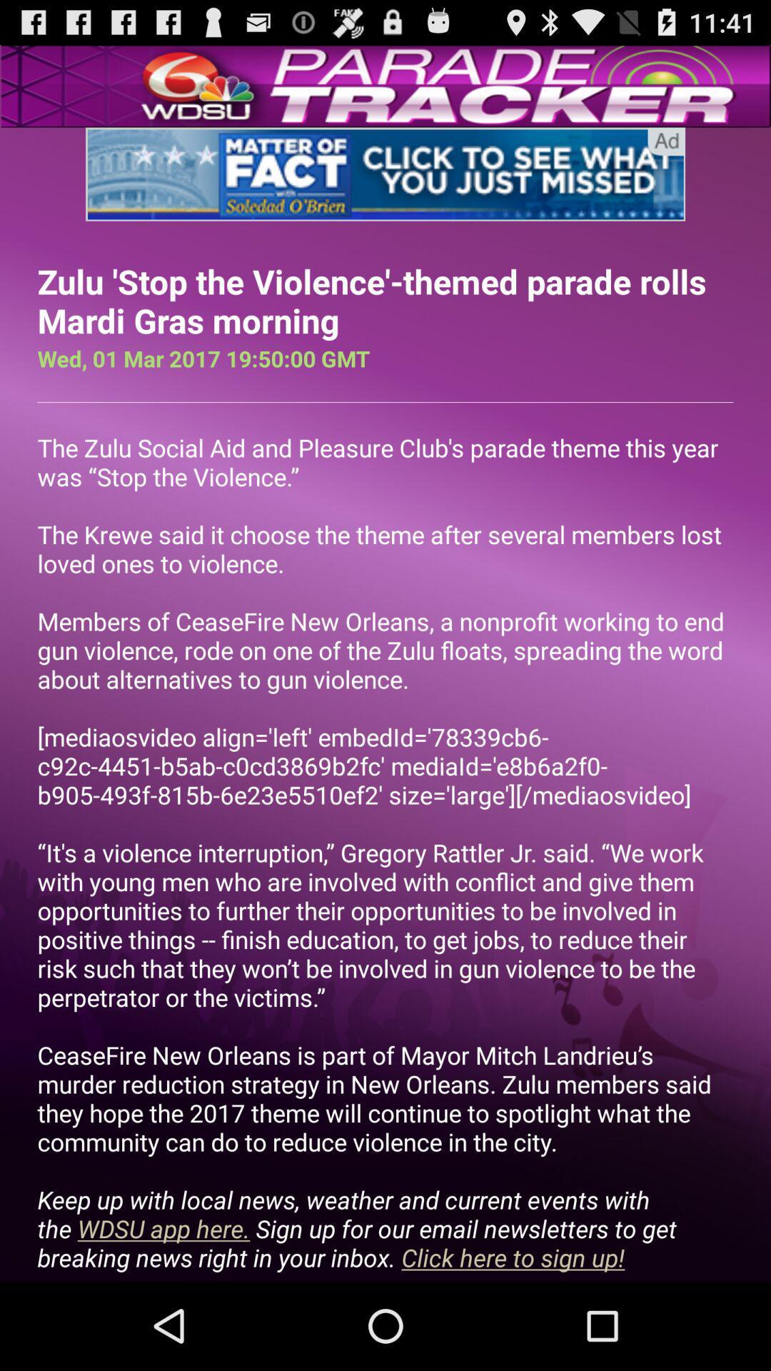 This screenshot has height=1371, width=771. I want to click on for adveisment, so click(385, 174).